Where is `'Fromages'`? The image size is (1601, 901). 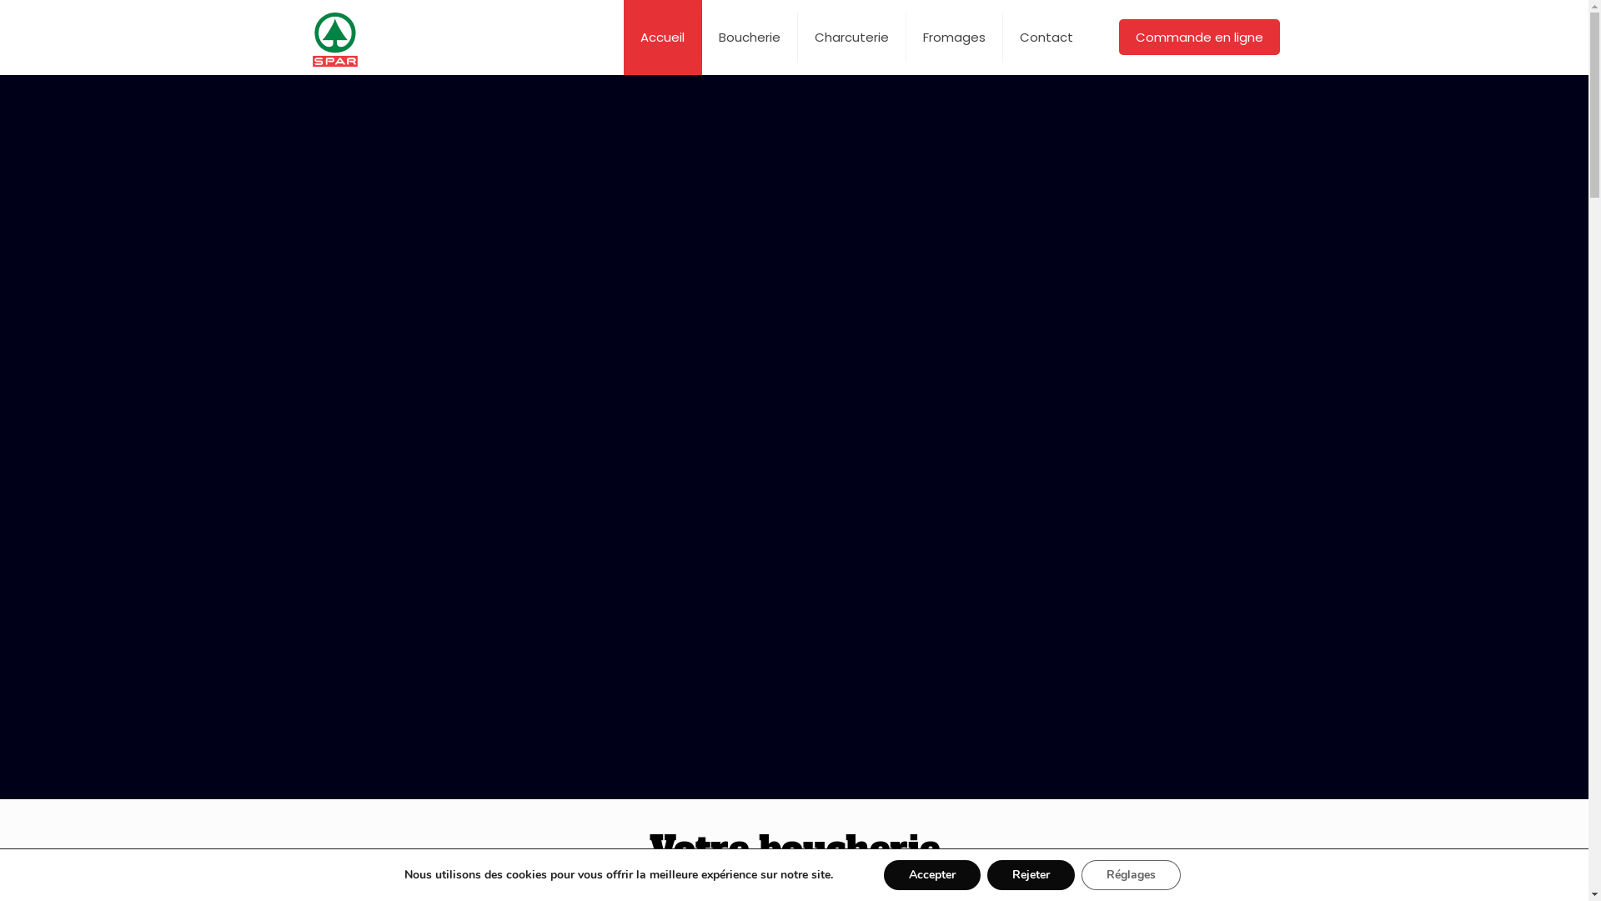 'Fromages' is located at coordinates (955, 38).